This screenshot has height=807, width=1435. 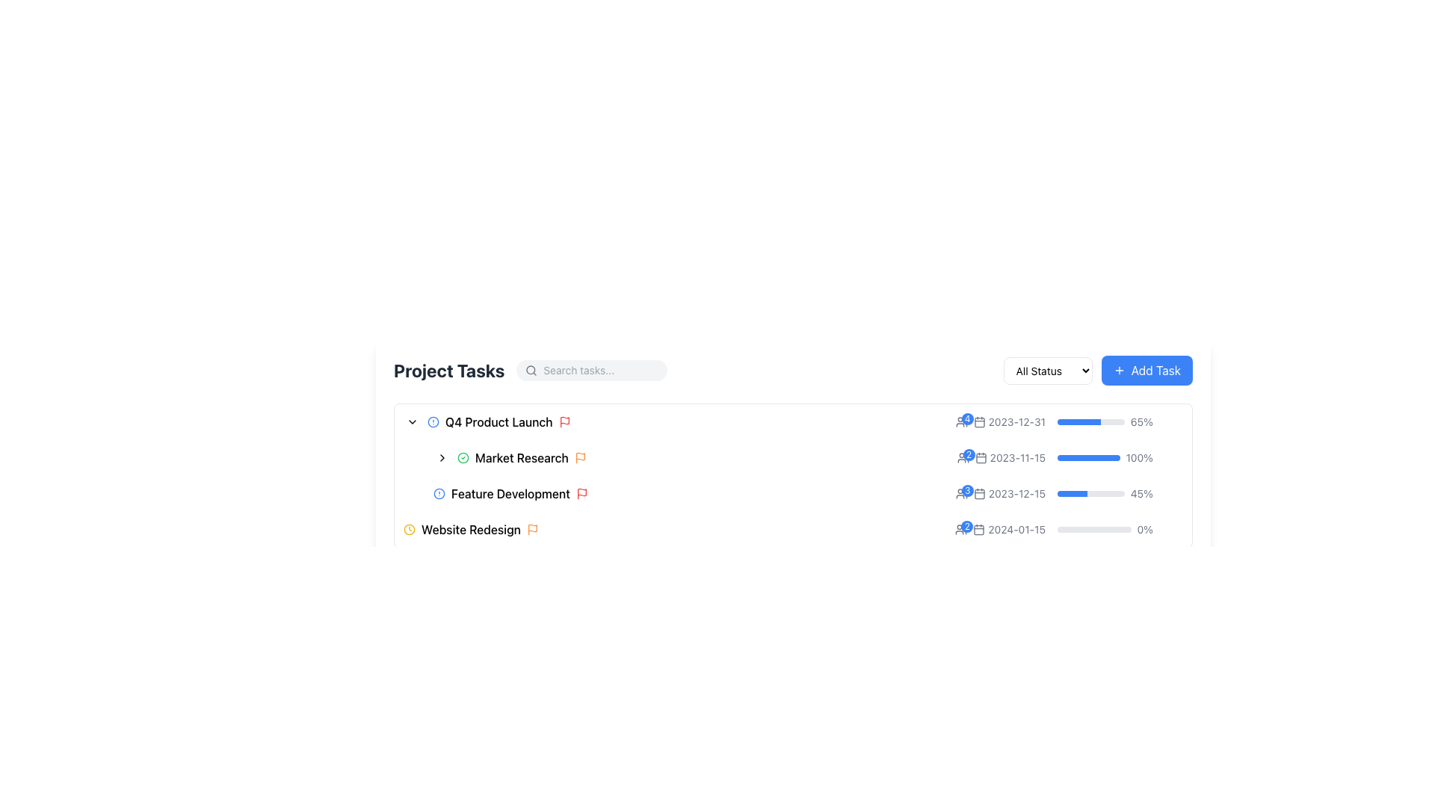 I want to click on the button that toggles the visibility of additional content related to the 'Q4 Product Launch' task, so click(x=413, y=421).